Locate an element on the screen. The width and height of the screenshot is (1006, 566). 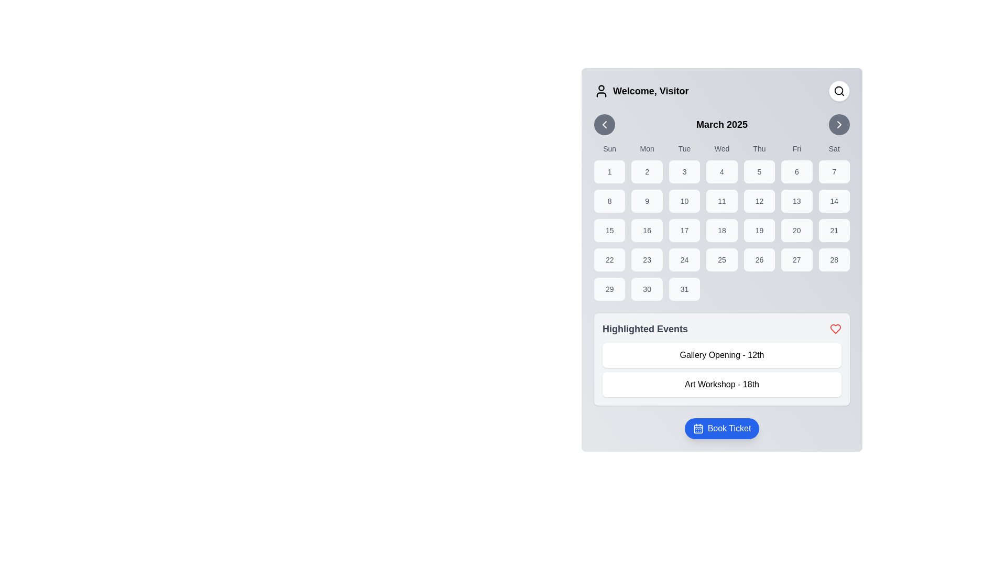
the first day of the month in the calendar grid, located under 'Sun' in the top-left corner of the calendar is located at coordinates (609, 171).